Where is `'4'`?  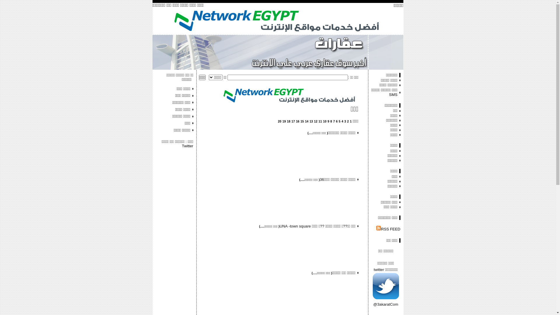
'4' is located at coordinates (342, 121).